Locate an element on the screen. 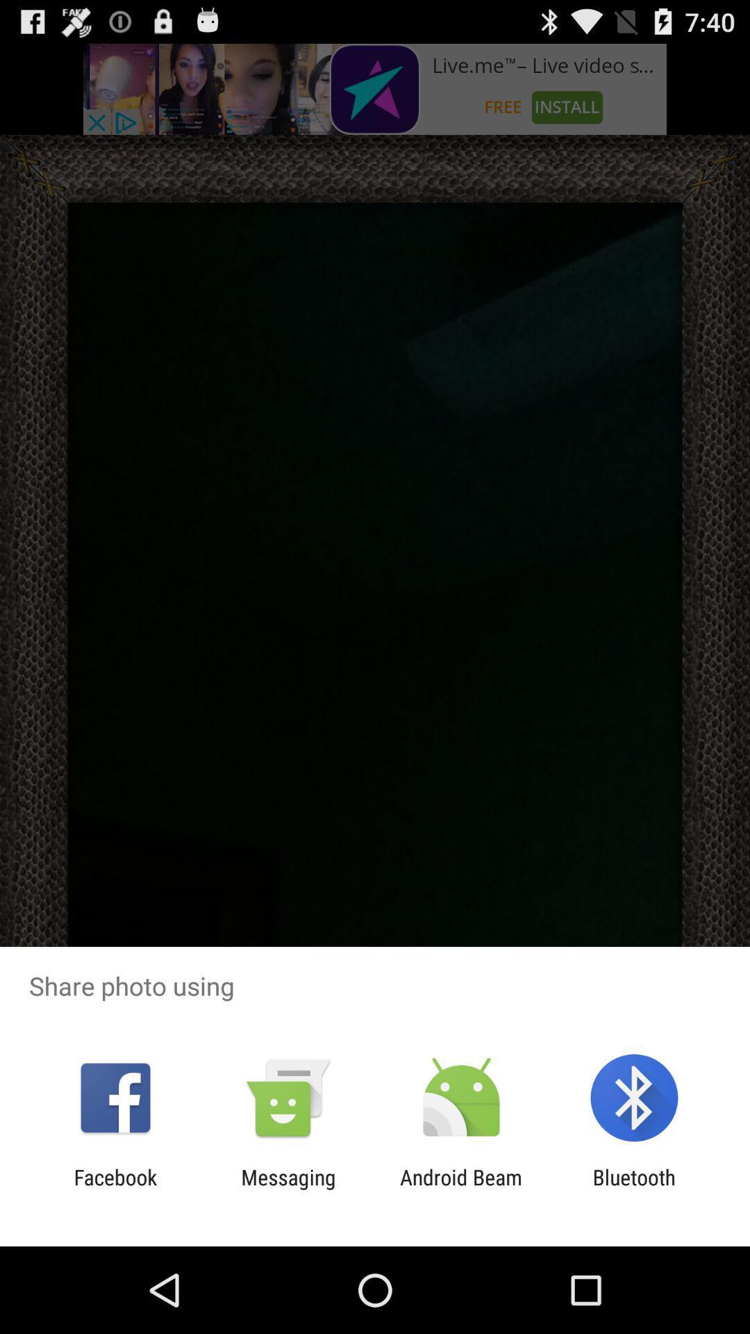 The height and width of the screenshot is (1334, 750). the icon to the right of messaging is located at coordinates (461, 1189).